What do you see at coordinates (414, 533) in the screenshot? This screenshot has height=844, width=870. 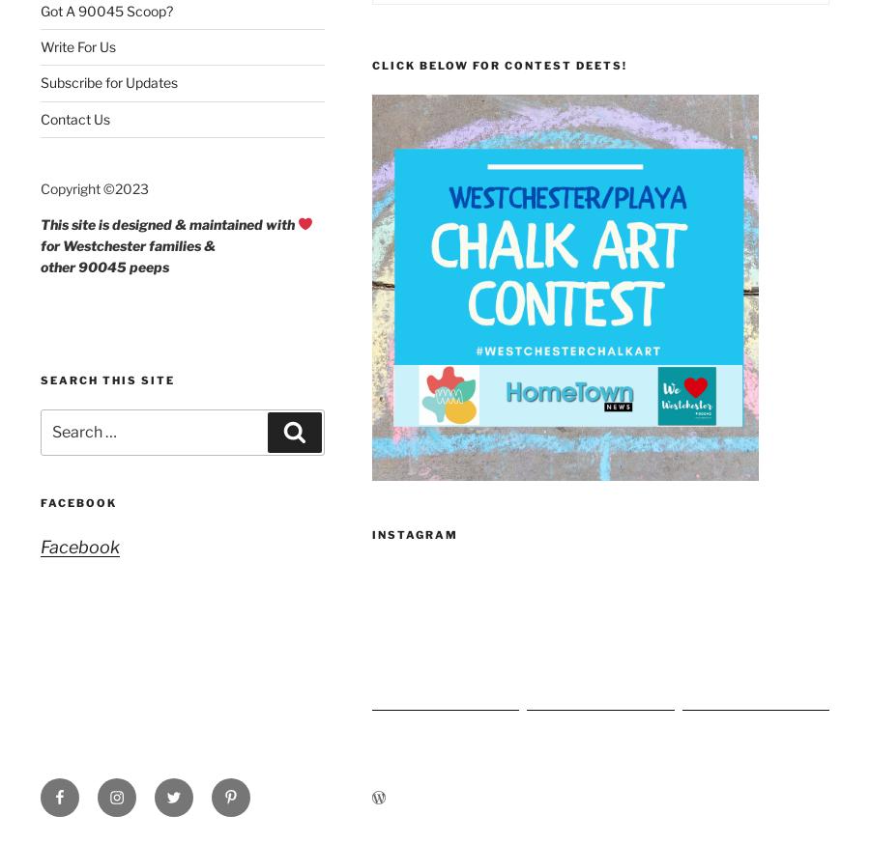 I see `'Instagram'` at bounding box center [414, 533].